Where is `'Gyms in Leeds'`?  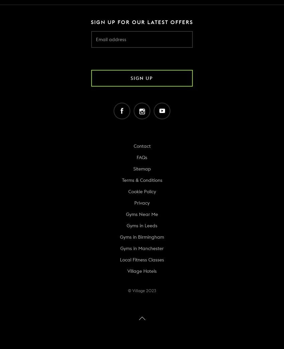
'Gyms in Leeds' is located at coordinates (142, 225).